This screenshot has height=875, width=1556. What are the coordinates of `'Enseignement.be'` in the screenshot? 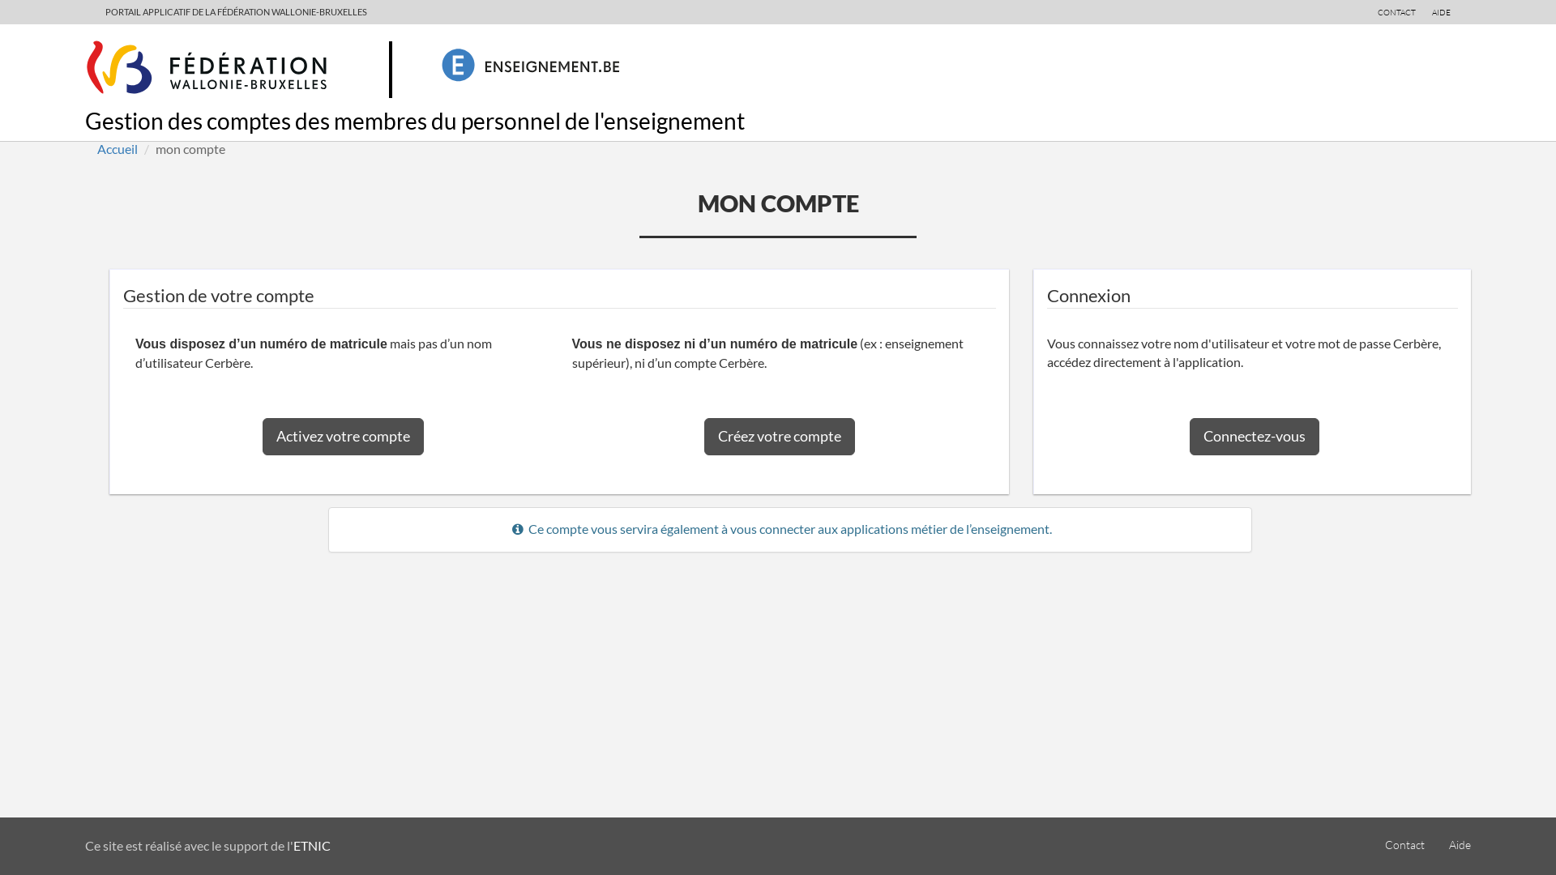 It's located at (553, 66).